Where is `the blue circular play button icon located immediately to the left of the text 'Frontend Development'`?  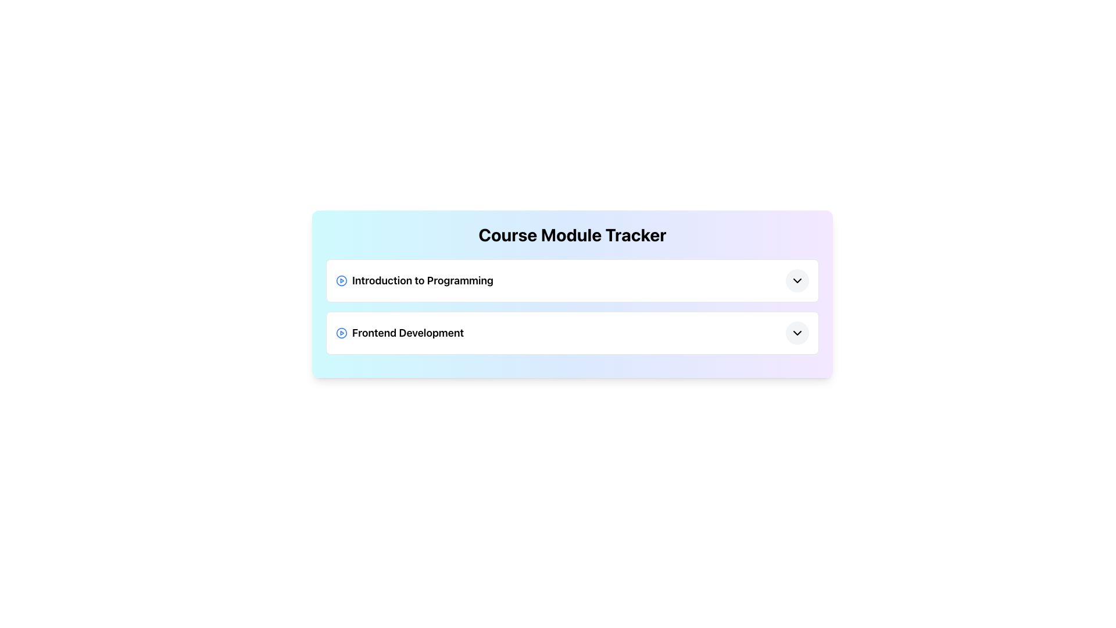
the blue circular play button icon located immediately to the left of the text 'Frontend Development' is located at coordinates (341, 333).